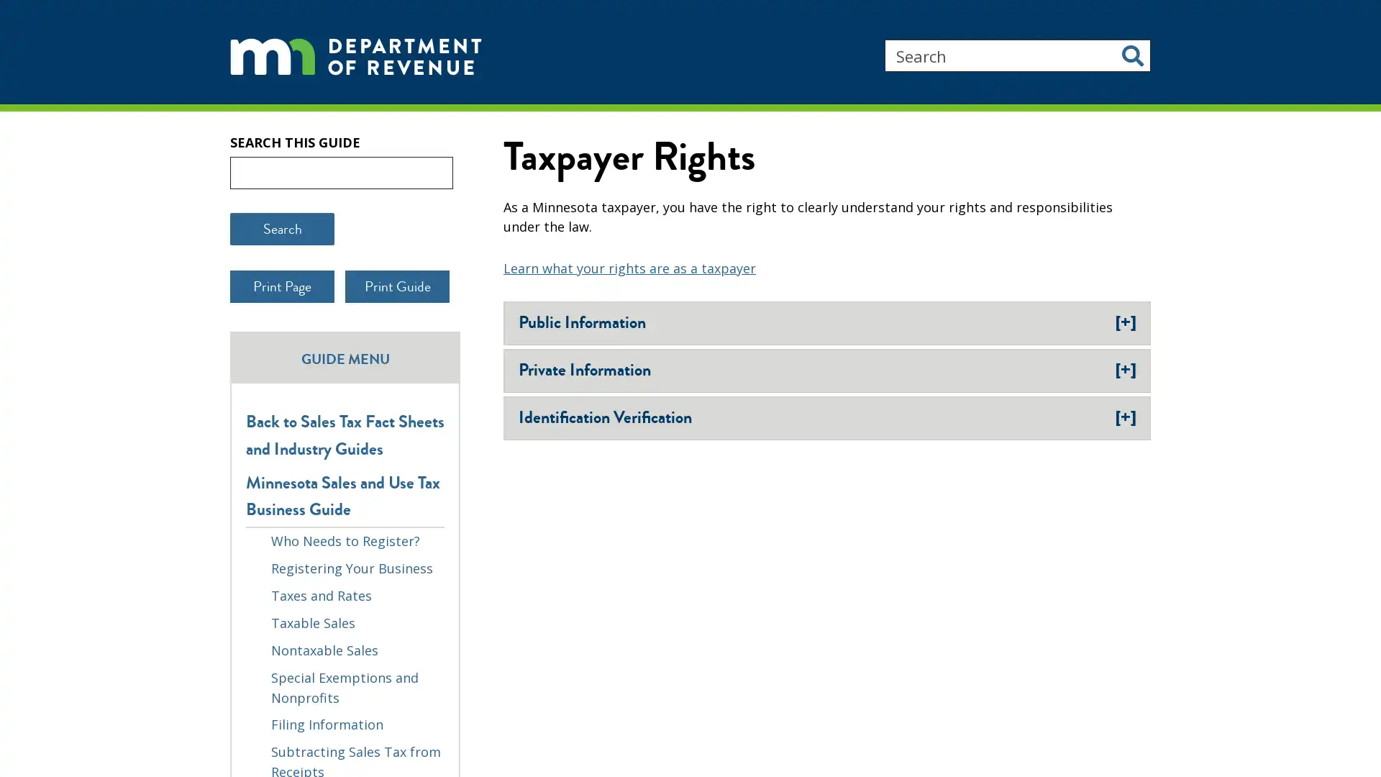 The image size is (1381, 777). Describe the element at coordinates (1132, 55) in the screenshot. I see `Search` at that location.